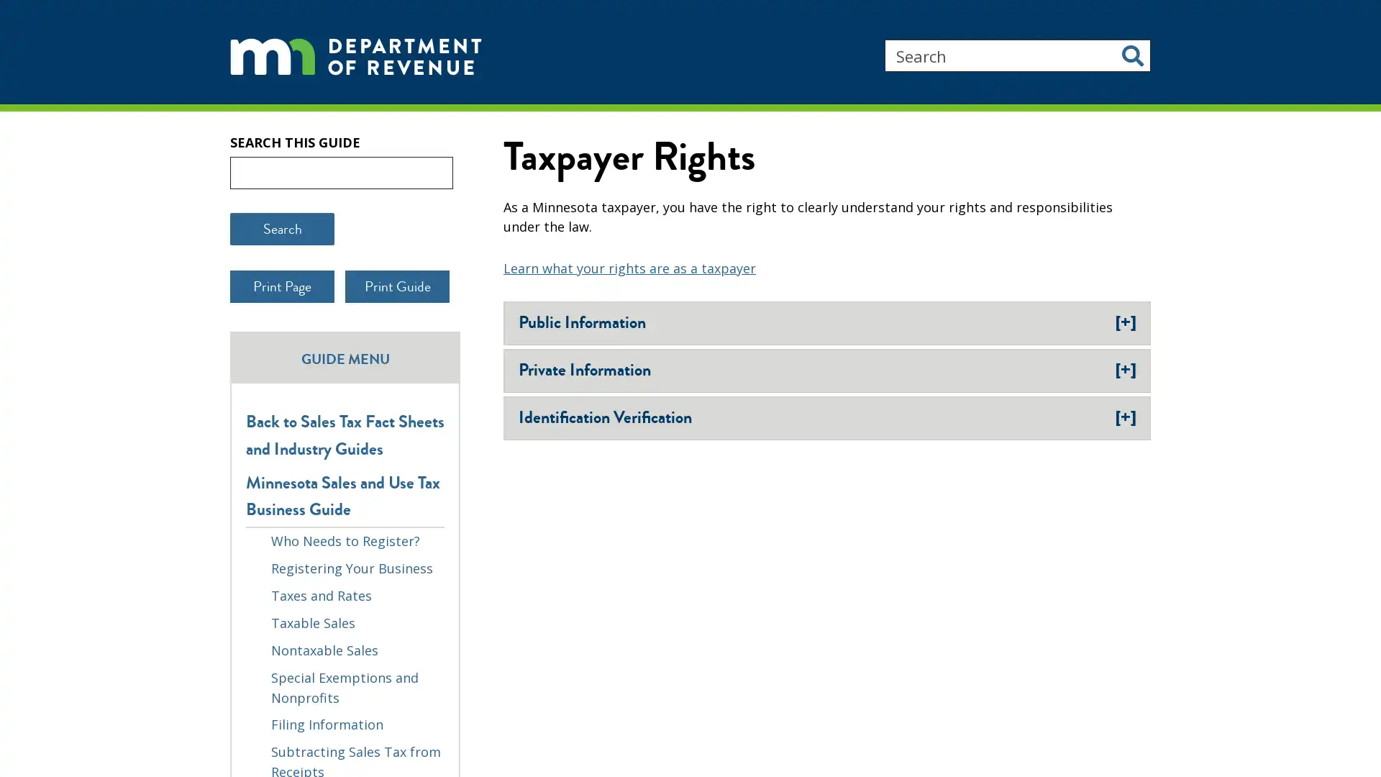 The image size is (1381, 777). Describe the element at coordinates (1132, 55) in the screenshot. I see `Search` at that location.